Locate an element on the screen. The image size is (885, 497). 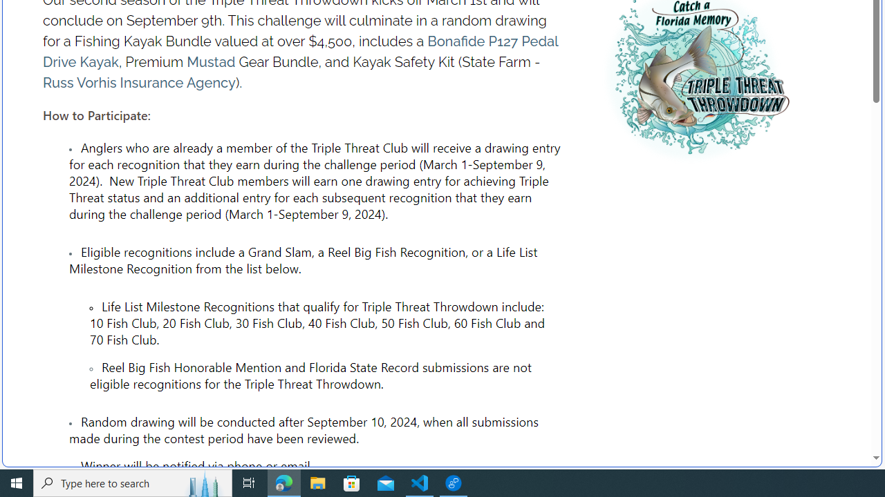
'Bonafide' is located at coordinates (456, 41).